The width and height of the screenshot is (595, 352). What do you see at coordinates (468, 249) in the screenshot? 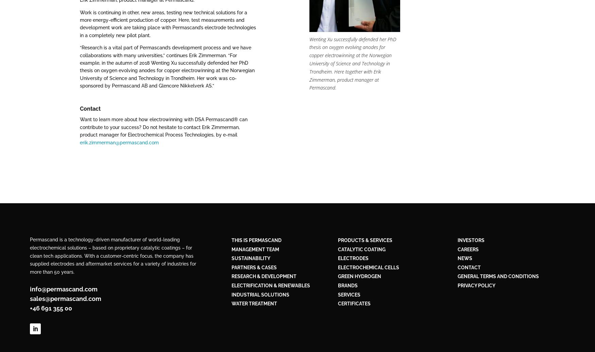
I see `'CAREERS'` at bounding box center [468, 249].